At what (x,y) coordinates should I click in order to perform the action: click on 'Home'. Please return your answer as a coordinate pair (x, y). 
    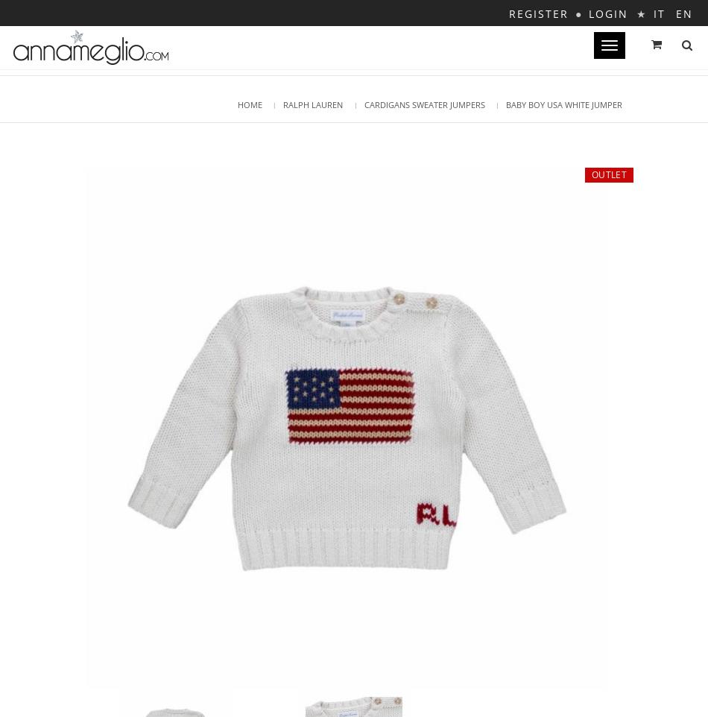
    Looking at the image, I should click on (249, 104).